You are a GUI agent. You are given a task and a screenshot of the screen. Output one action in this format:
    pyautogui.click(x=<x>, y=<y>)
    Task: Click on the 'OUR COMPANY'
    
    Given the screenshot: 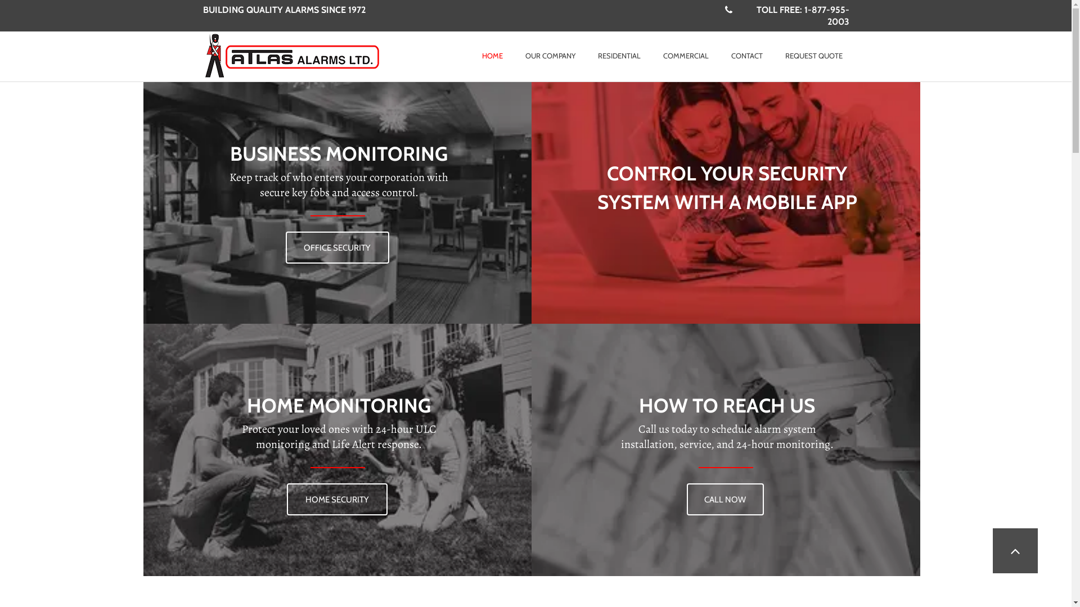 What is the action you would take?
    pyautogui.click(x=550, y=56)
    